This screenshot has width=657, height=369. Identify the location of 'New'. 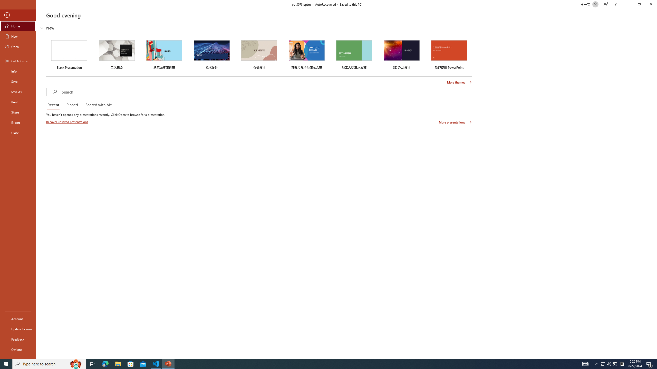
(18, 36).